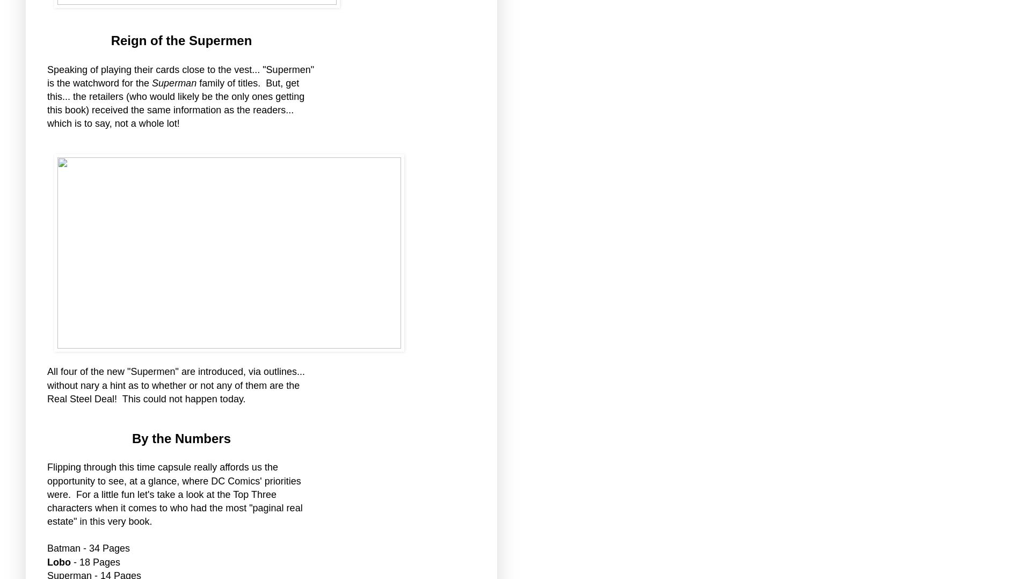  I want to click on 'All four of the new "Supermen" are introduced, via outlines... without nary a hint as to whether or not any of them are the Real Steel Deal!  This could not happen today.', so click(176, 384).